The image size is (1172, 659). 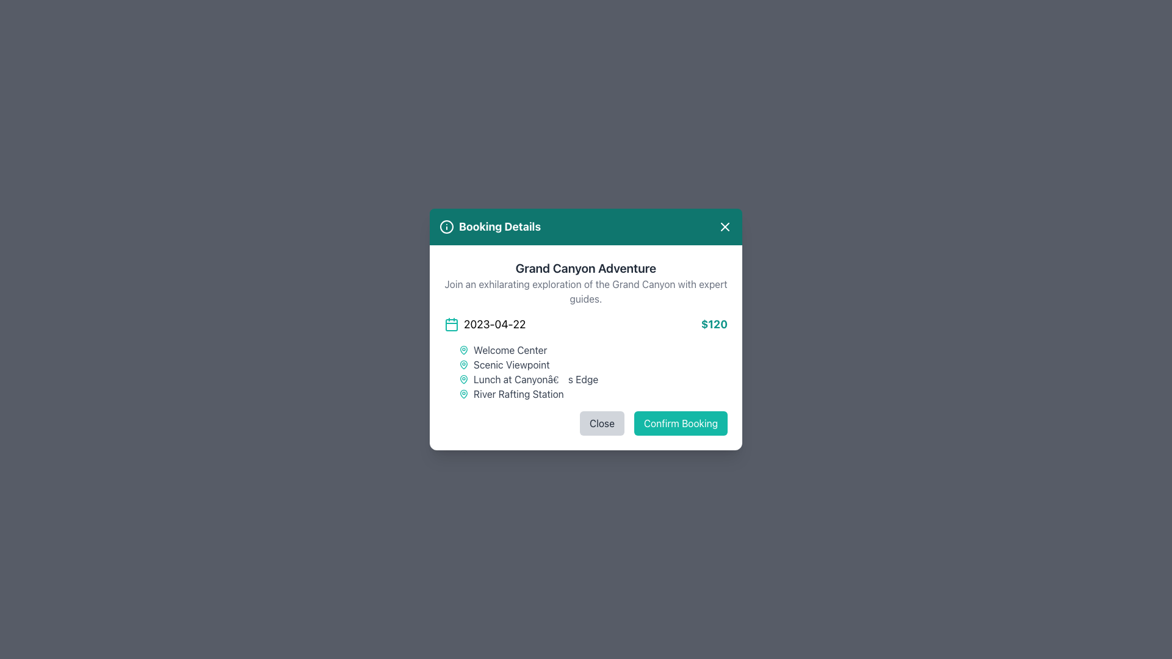 I want to click on the calendar icon located to the left of the date text '2023-04-22' in the 'Booking Details' modal, so click(x=450, y=324).